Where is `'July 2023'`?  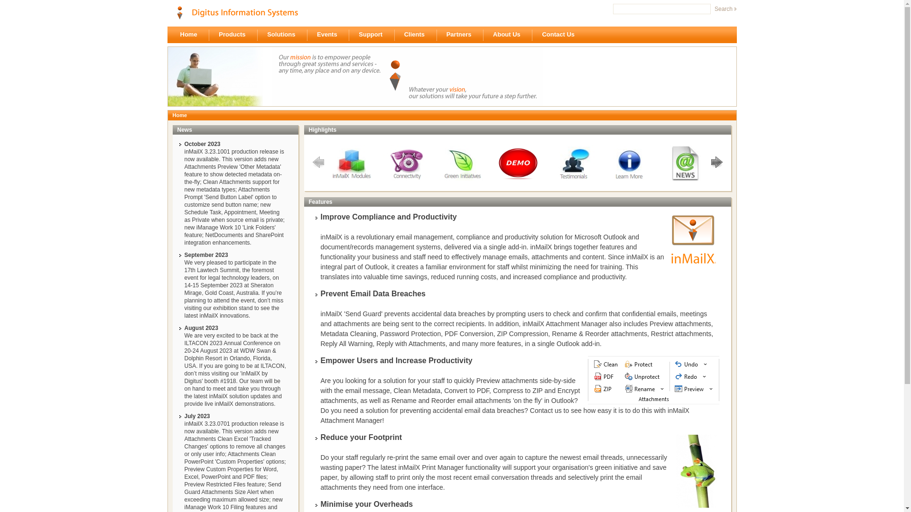 'July 2023' is located at coordinates (196, 416).